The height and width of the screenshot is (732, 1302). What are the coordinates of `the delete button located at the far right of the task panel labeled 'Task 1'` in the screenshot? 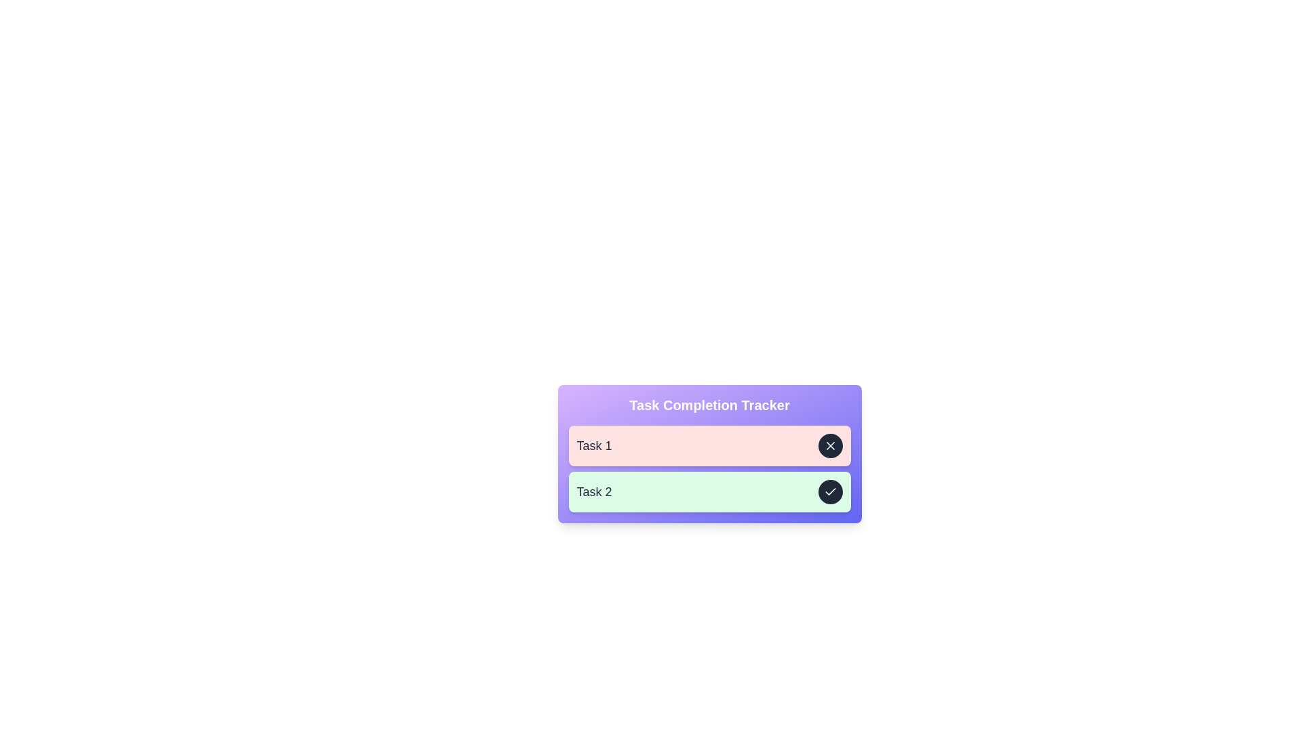 It's located at (829, 446).